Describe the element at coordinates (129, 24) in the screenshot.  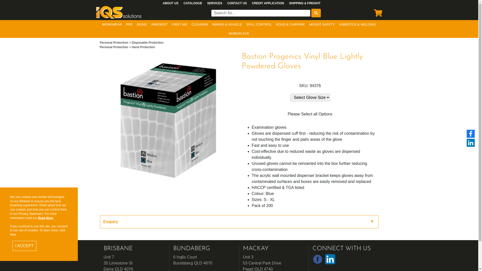
I see `'PPE'` at that location.